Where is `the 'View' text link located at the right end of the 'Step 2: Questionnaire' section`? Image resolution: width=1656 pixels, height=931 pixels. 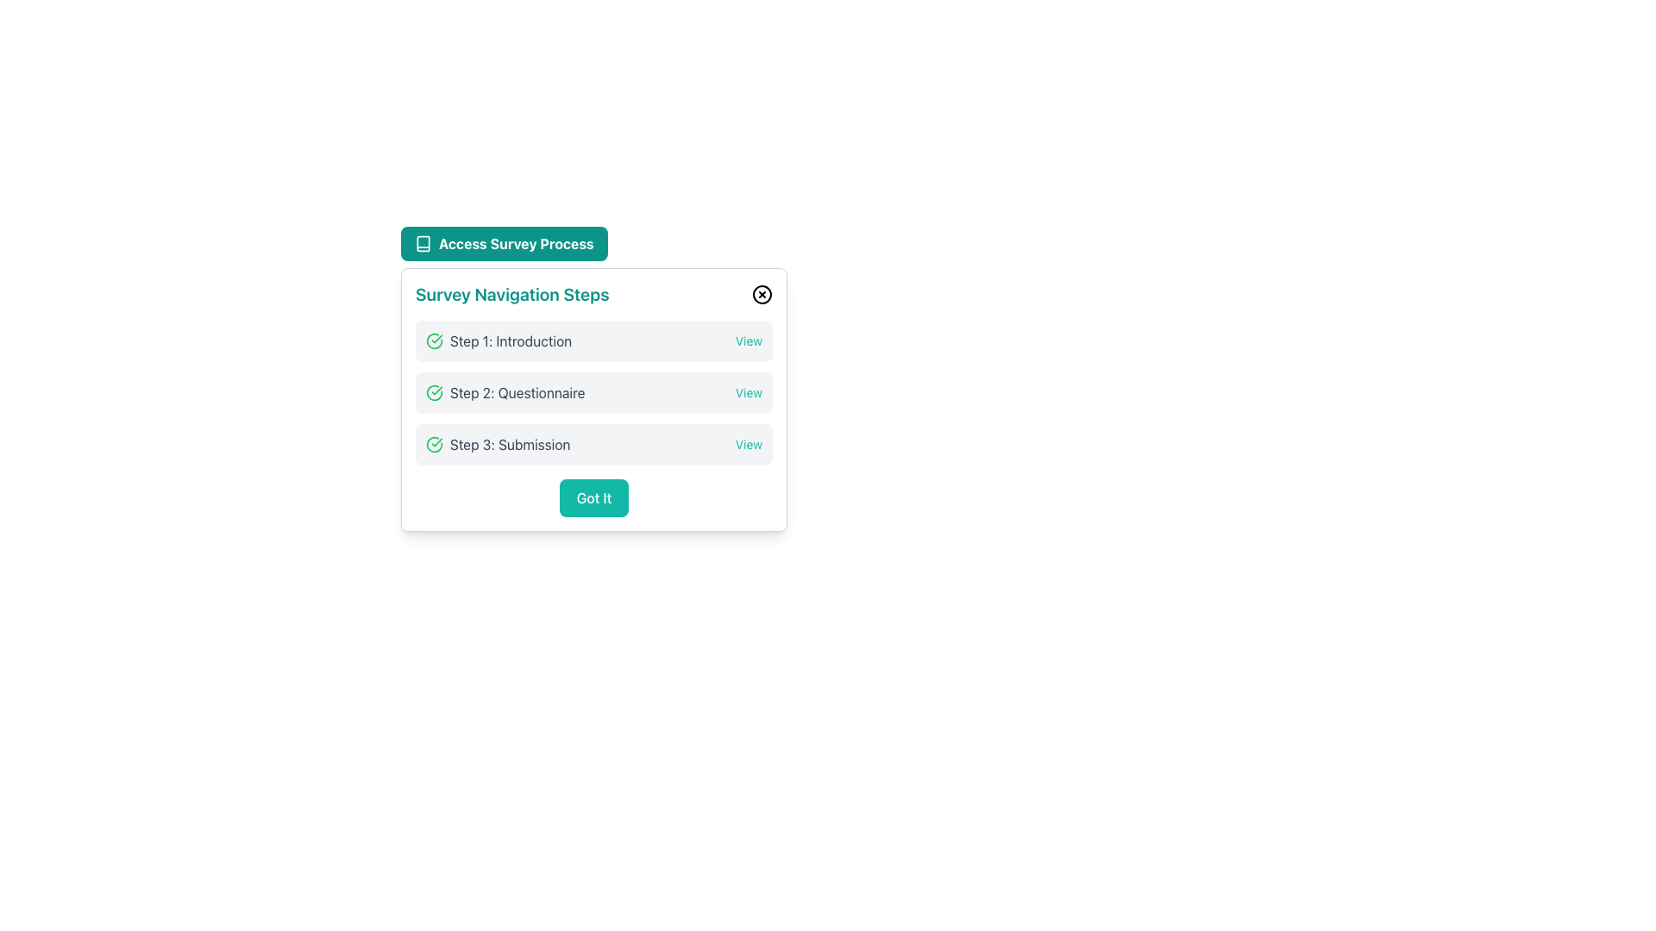
the 'View' text link located at the right end of the 'Step 2: Questionnaire' section is located at coordinates (749, 392).